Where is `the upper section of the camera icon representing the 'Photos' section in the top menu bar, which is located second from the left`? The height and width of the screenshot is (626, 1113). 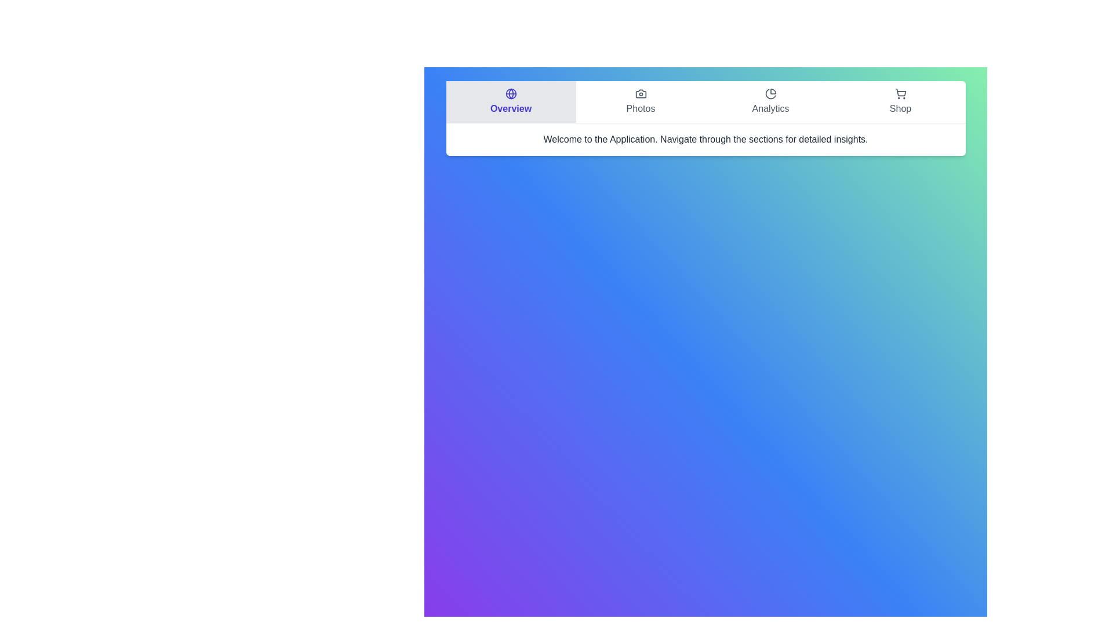
the upper section of the camera icon representing the 'Photos' section in the top menu bar, which is located second from the left is located at coordinates (640, 93).